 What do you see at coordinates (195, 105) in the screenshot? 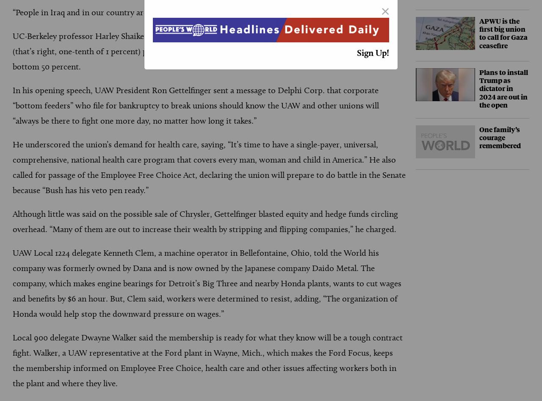
I see `'In his opening speech, UAW President Ron Gettelfinger sent a message to Delphi Corp. that corporate “bottom feeders” who file for bankruptcy to break unions should know the UAW and other unions will “always be there to fight one more day, no matter how long it takes.”'` at bounding box center [195, 105].